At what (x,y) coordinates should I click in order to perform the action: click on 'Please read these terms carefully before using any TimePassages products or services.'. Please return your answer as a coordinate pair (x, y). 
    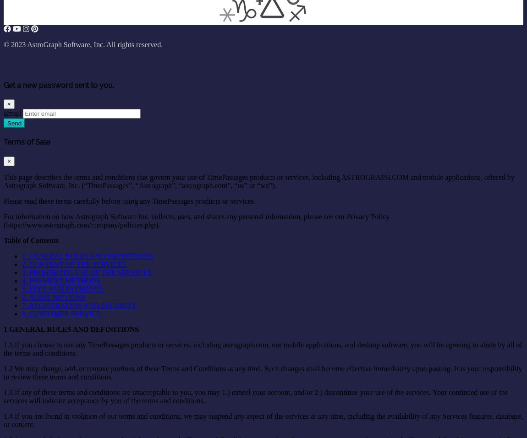
    Looking at the image, I should click on (129, 200).